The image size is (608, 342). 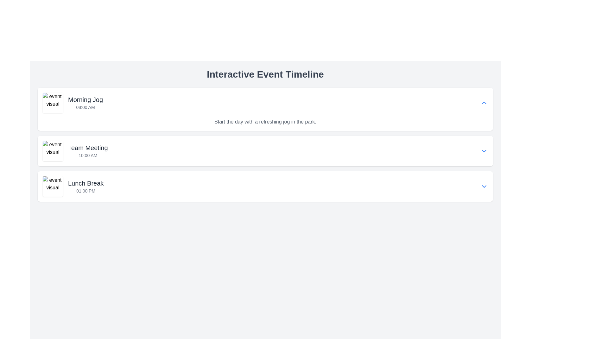 What do you see at coordinates (87, 148) in the screenshot?
I see `the 'Team Meeting' text label, which is centrally located in the second timeline entry of the Interactive Event Timeline and displays the event title in a large, bold, dark gray font` at bounding box center [87, 148].